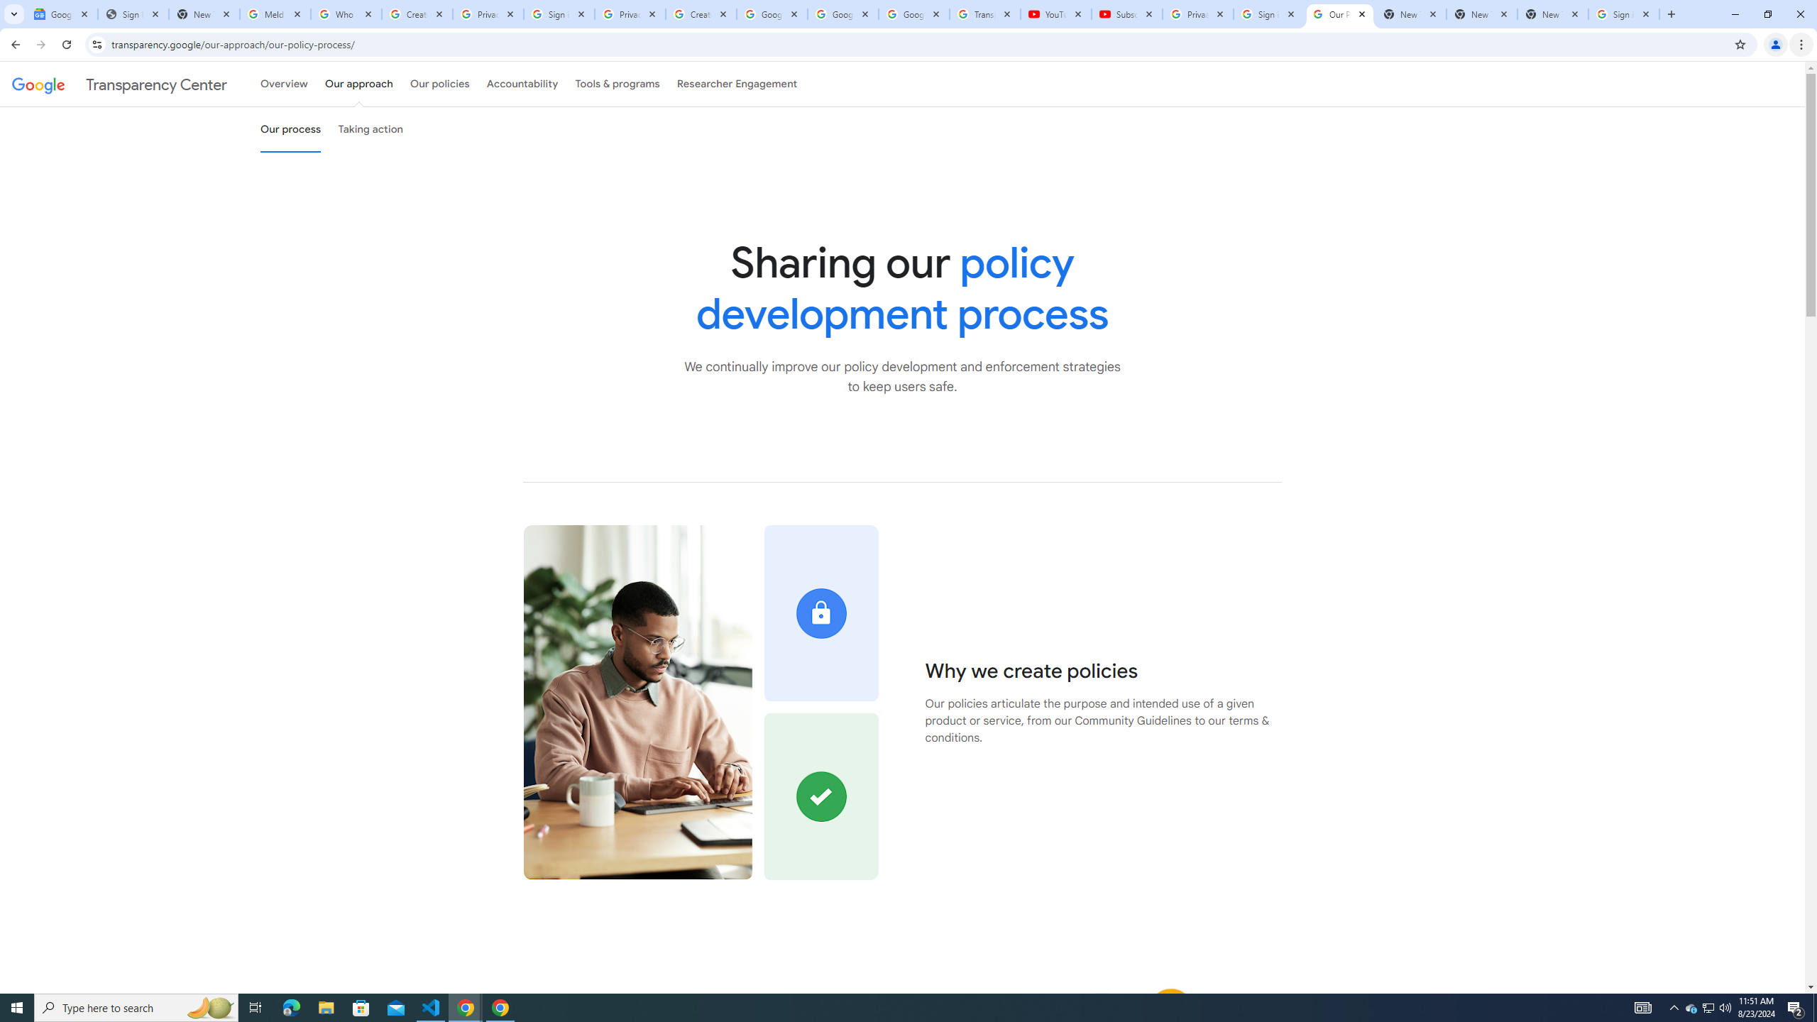 The image size is (1817, 1022). What do you see at coordinates (358, 84) in the screenshot?
I see `'Our approach'` at bounding box center [358, 84].